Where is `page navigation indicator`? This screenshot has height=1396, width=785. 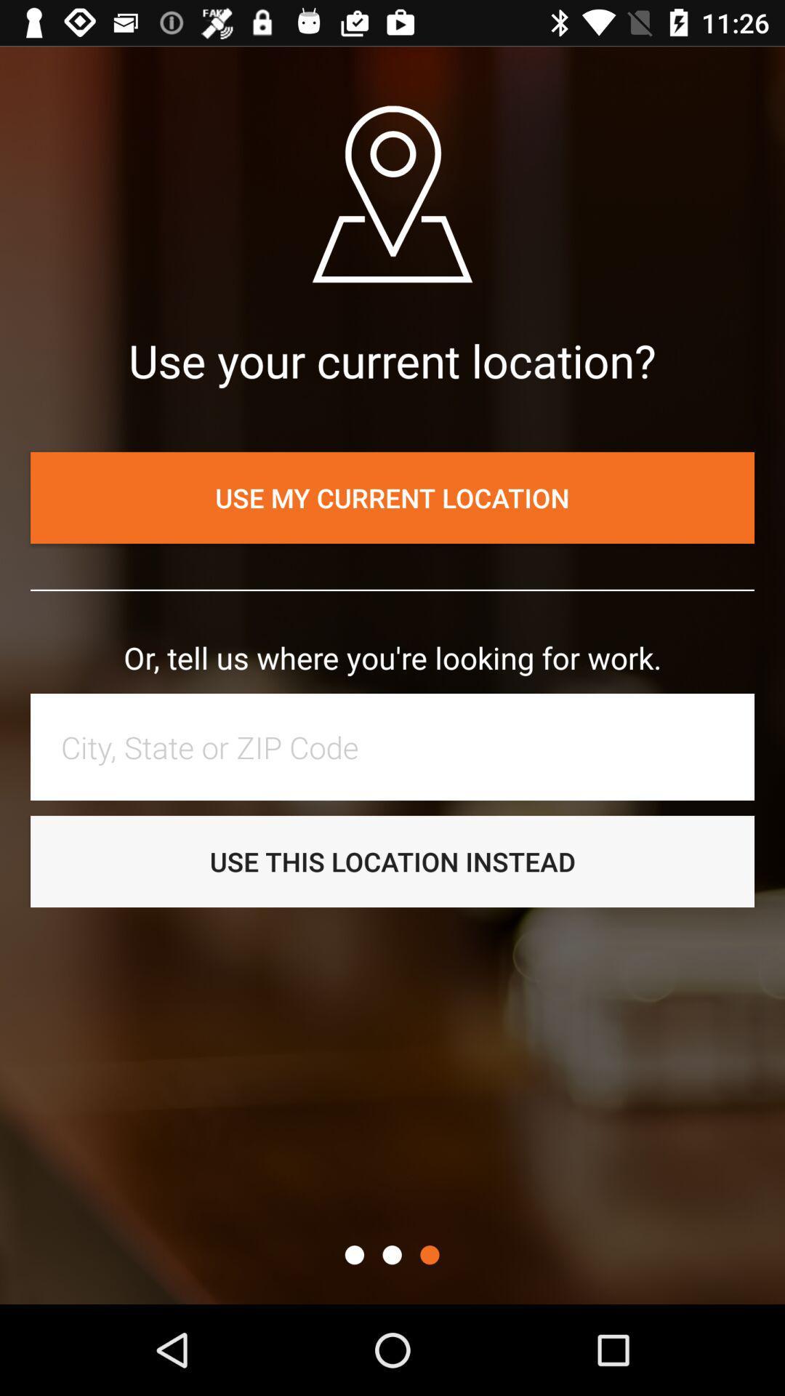
page navigation indicator is located at coordinates (391, 1254).